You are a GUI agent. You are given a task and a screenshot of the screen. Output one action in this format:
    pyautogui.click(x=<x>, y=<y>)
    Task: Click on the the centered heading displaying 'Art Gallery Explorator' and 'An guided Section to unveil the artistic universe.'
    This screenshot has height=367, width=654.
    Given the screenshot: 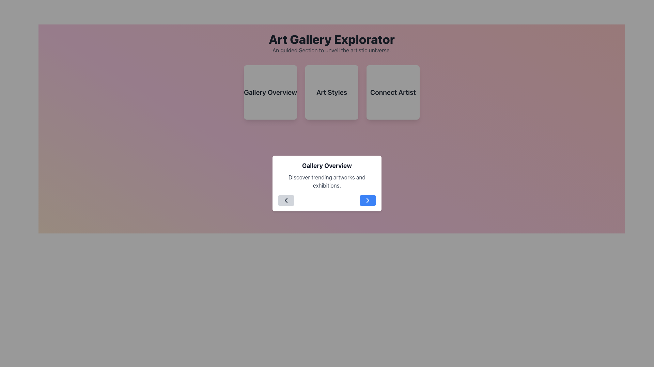 What is the action you would take?
    pyautogui.click(x=332, y=43)
    